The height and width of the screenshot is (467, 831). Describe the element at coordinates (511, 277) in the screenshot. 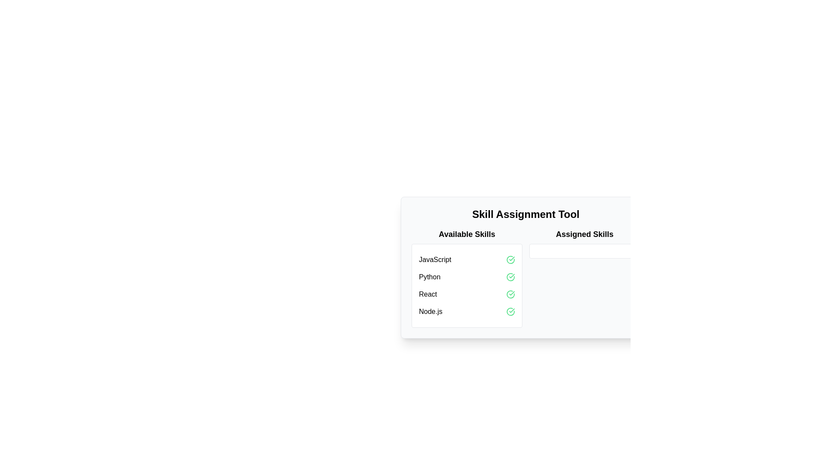

I see `the visual change associated with the green checkmark status indicator icon for the 'Python' skill located to the right of the 'Python' text label in the 'Available Skills' section` at that location.